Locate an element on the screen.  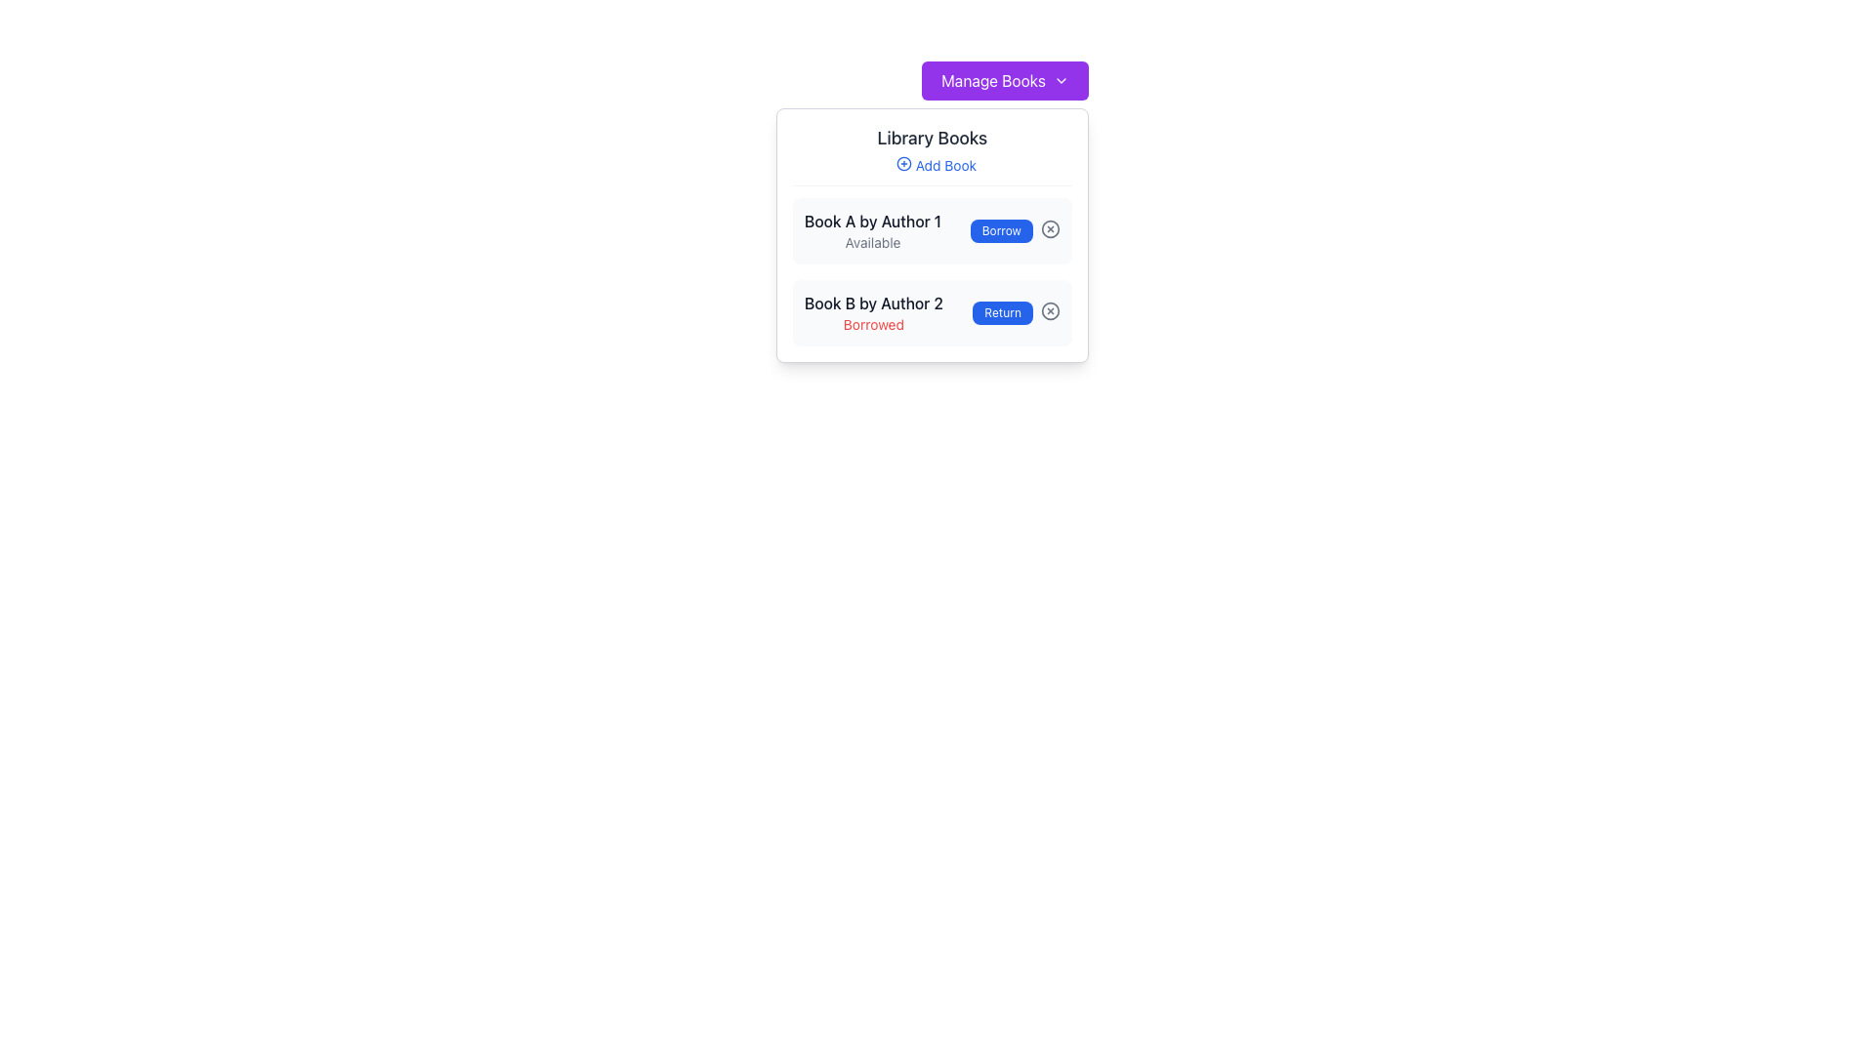
the circular Close or Cancel icon located to the right of the 'Return' button in the 'Book B by Author 2' section is located at coordinates (1049, 310).